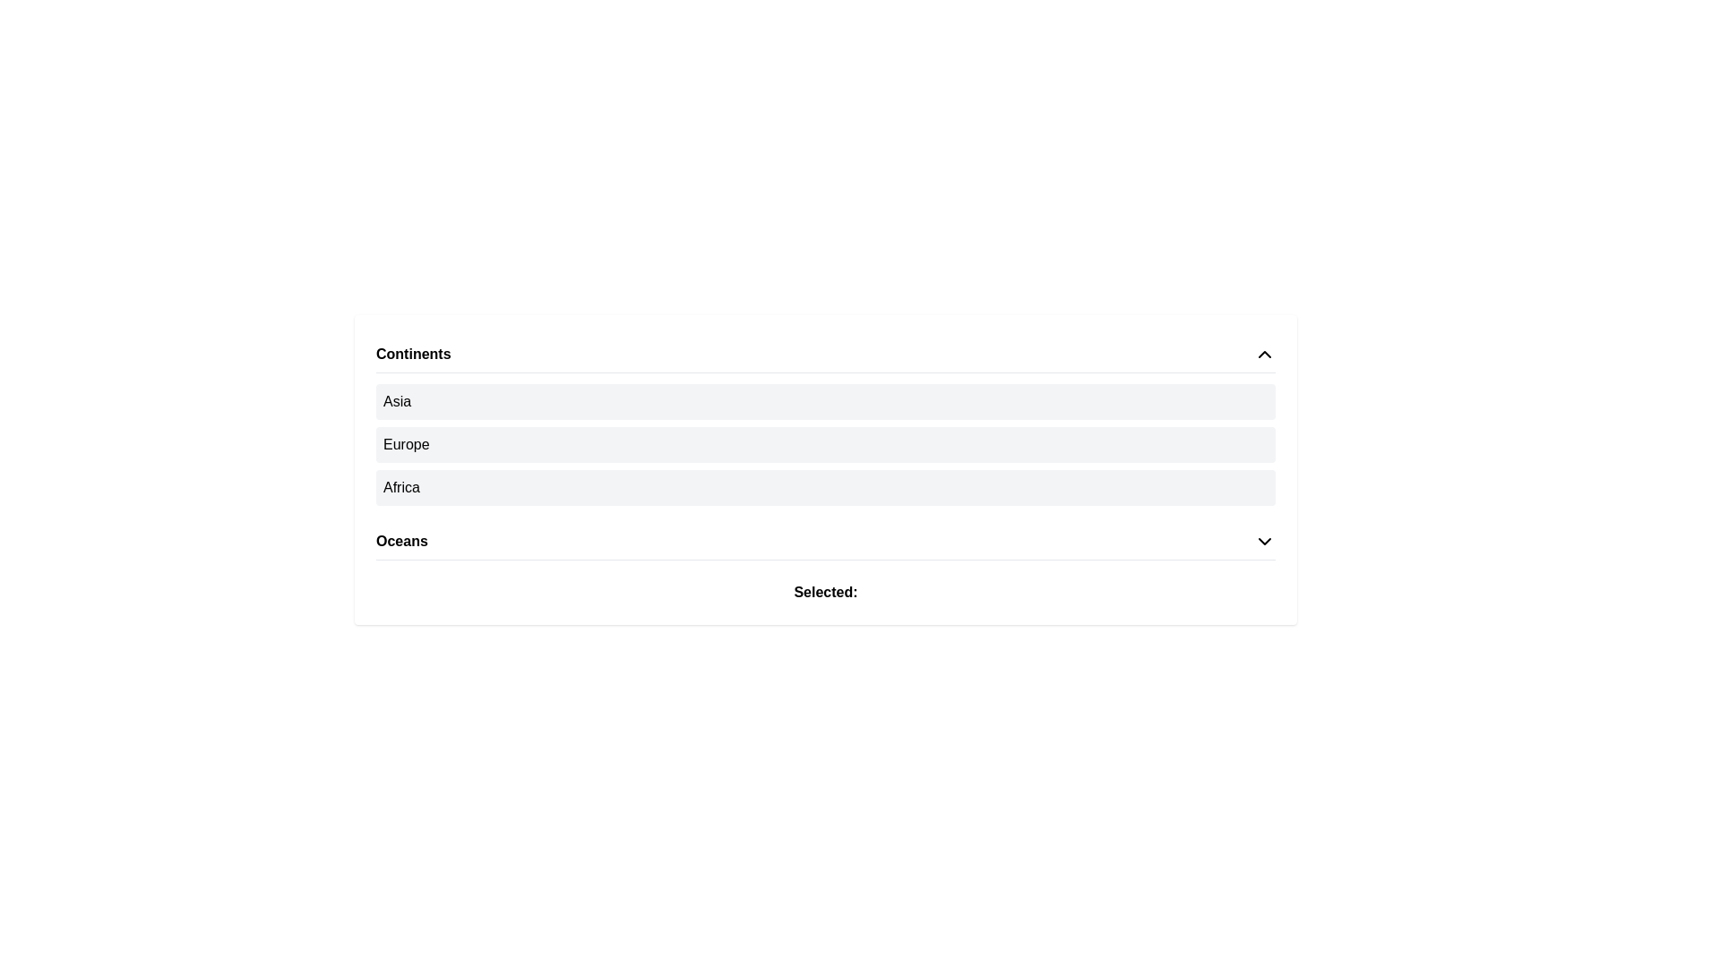 This screenshot has height=967, width=1720. Describe the element at coordinates (412, 355) in the screenshot. I see `the 'Continents' text label located in the upper part of the grouped section, which has a chevron icon to its right` at that location.